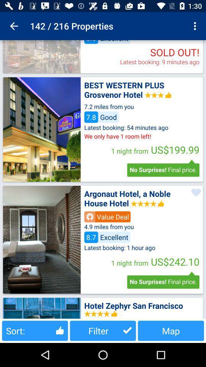  Describe the element at coordinates (42, 308) in the screenshot. I see `image of hotel` at that location.